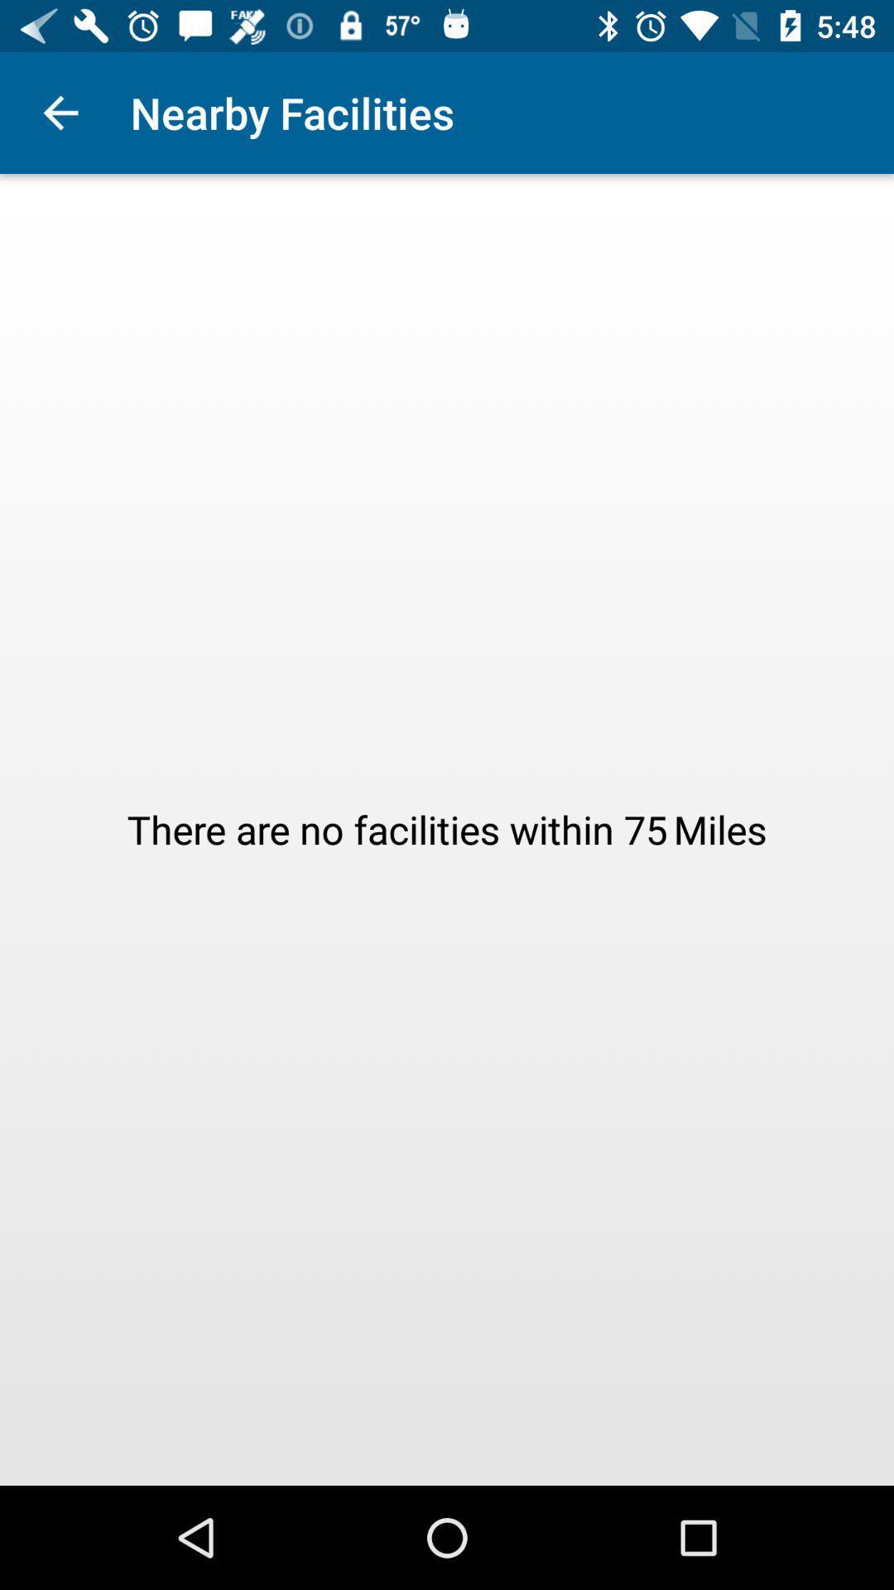 This screenshot has width=894, height=1590. I want to click on icon above there are no item, so click(60, 112).